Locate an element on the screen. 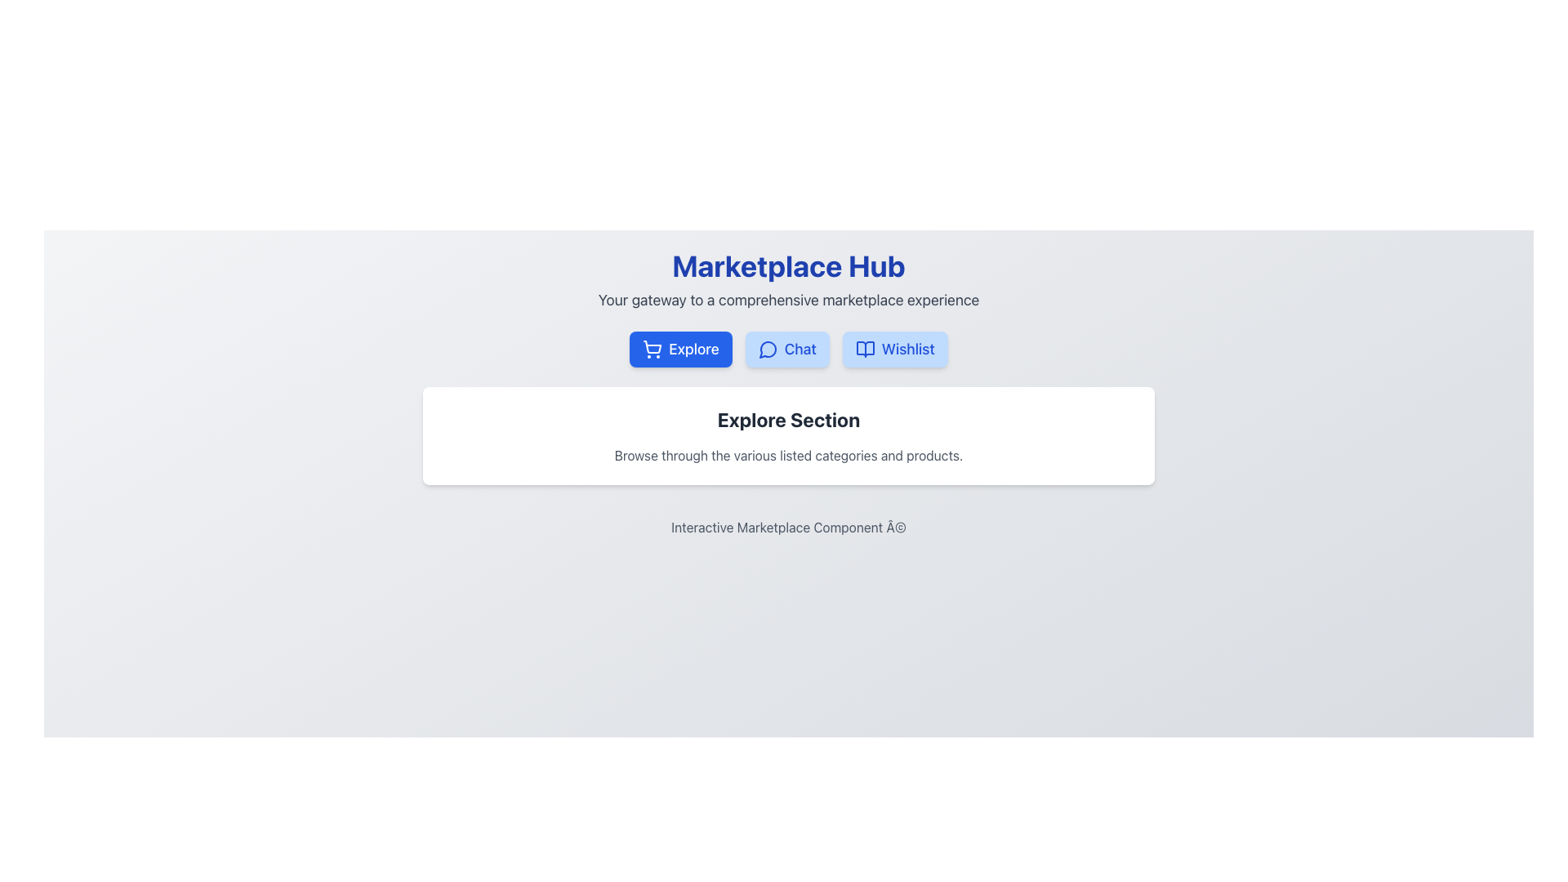 Image resolution: width=1568 pixels, height=882 pixels. the Chat button on the Navigation Bar is located at coordinates (788, 349).